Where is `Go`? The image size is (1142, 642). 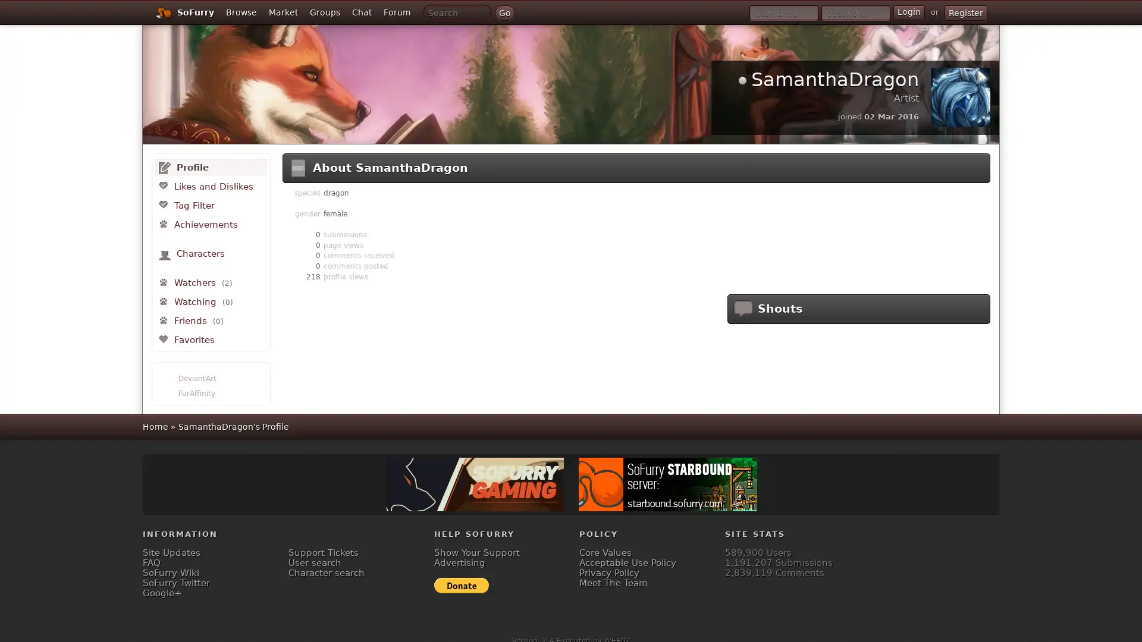
Go is located at coordinates (505, 13).